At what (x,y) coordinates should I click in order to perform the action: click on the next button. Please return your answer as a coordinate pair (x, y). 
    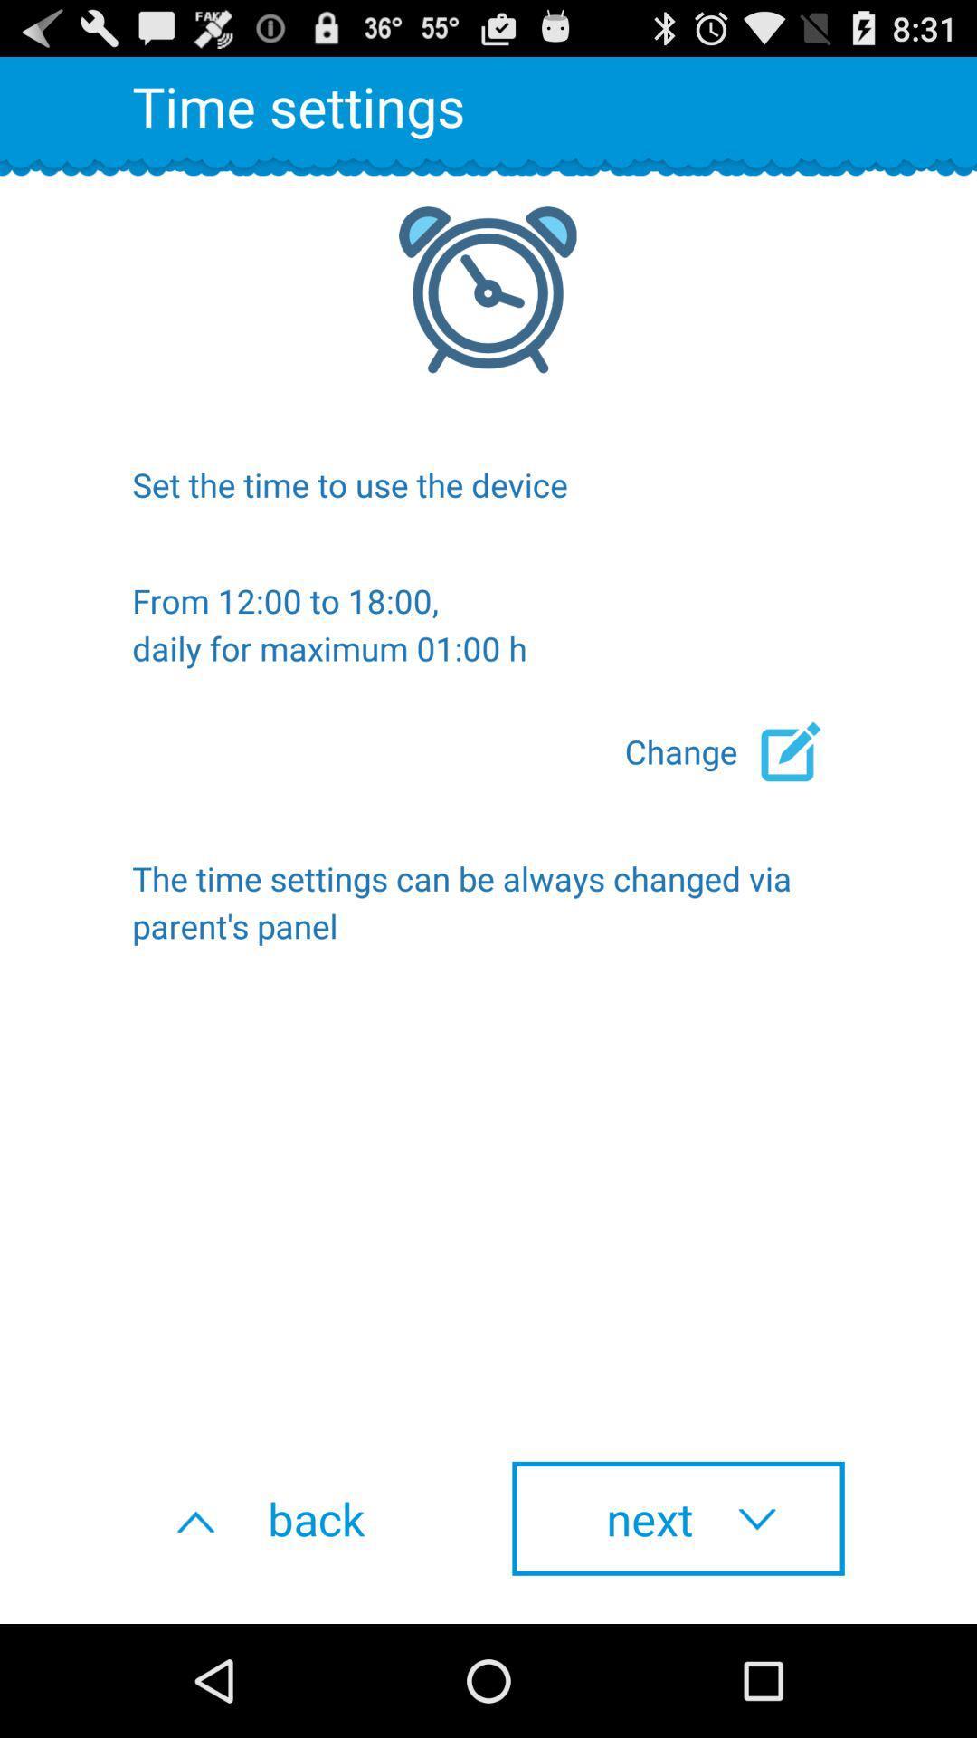
    Looking at the image, I should click on (678, 1518).